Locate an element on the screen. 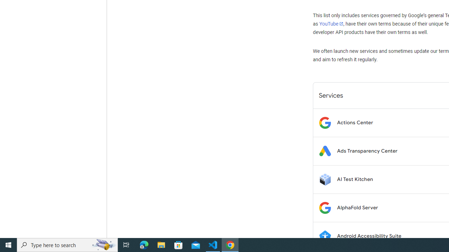  'Logo for Actions Center' is located at coordinates (324, 122).